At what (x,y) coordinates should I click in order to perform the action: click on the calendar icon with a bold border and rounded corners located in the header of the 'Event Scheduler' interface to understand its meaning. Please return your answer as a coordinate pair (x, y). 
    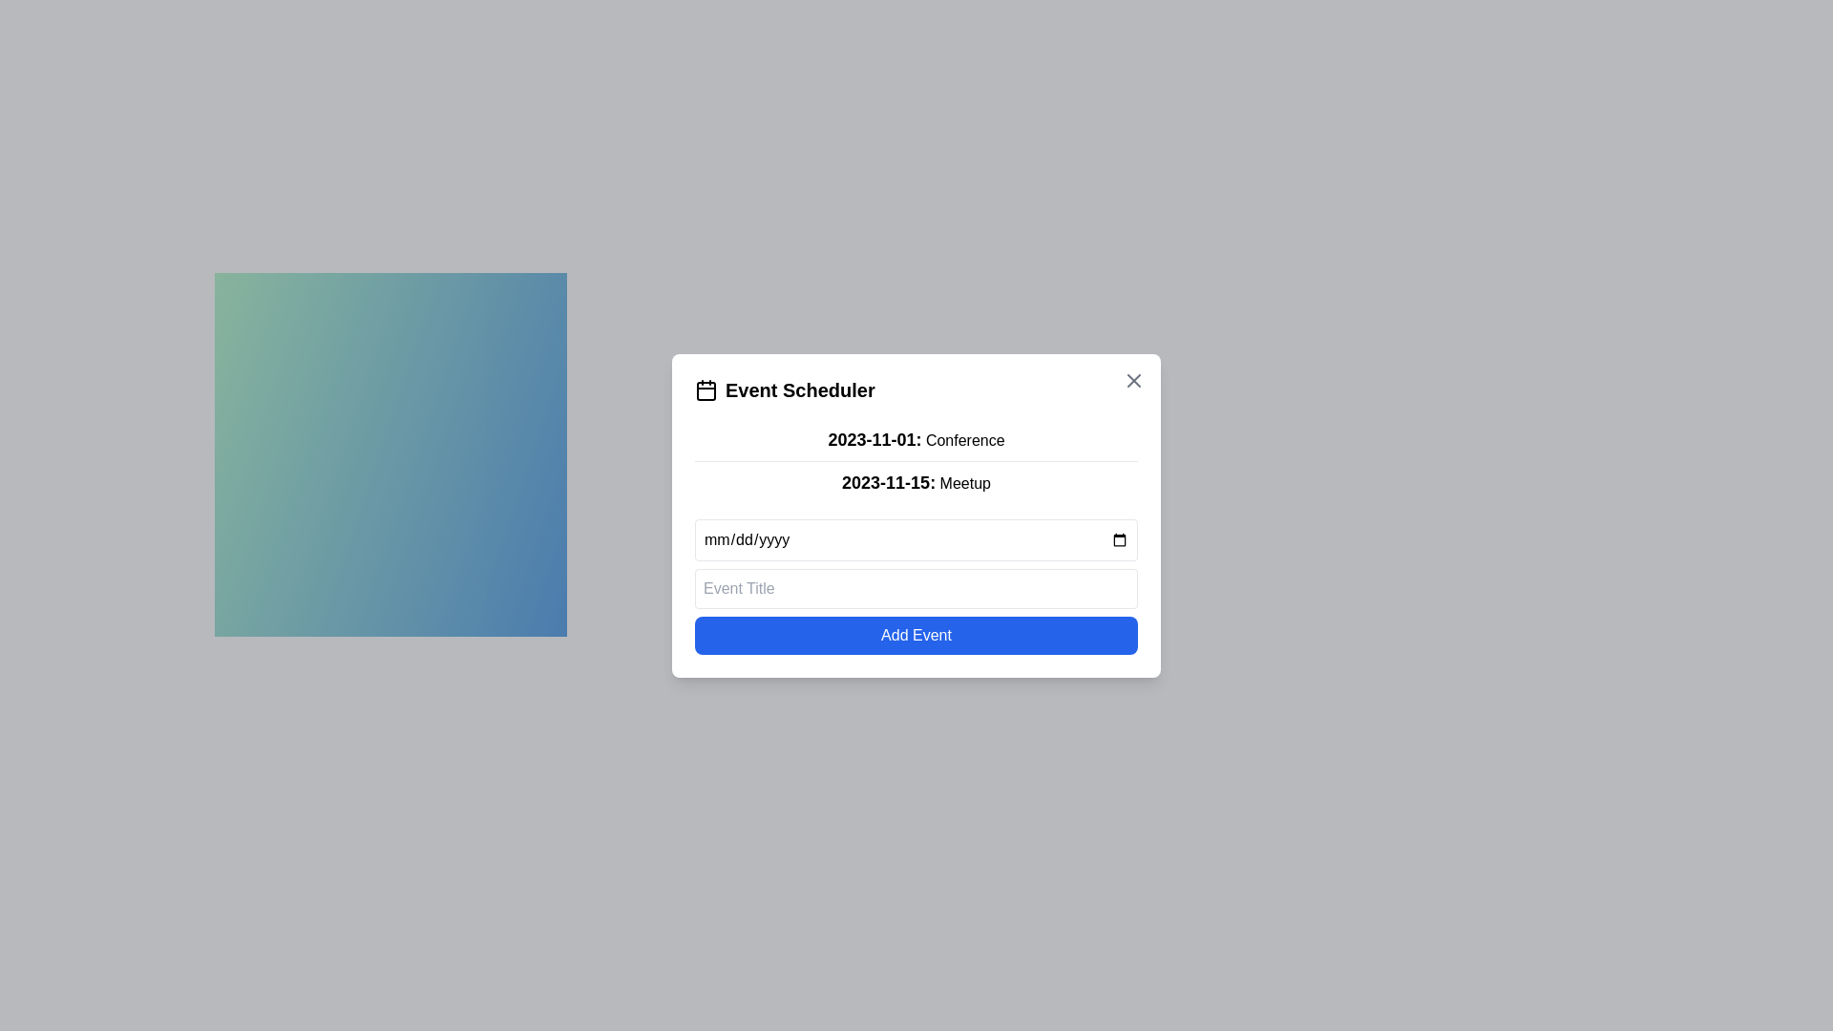
    Looking at the image, I should click on (705, 389).